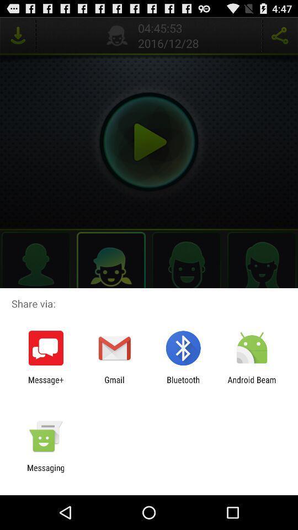  Describe the element at coordinates (114, 384) in the screenshot. I see `app to the right of message+ icon` at that location.